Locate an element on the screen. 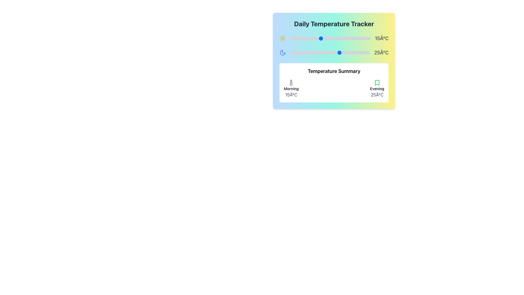 The width and height of the screenshot is (524, 295). the slider value is located at coordinates (318, 52).